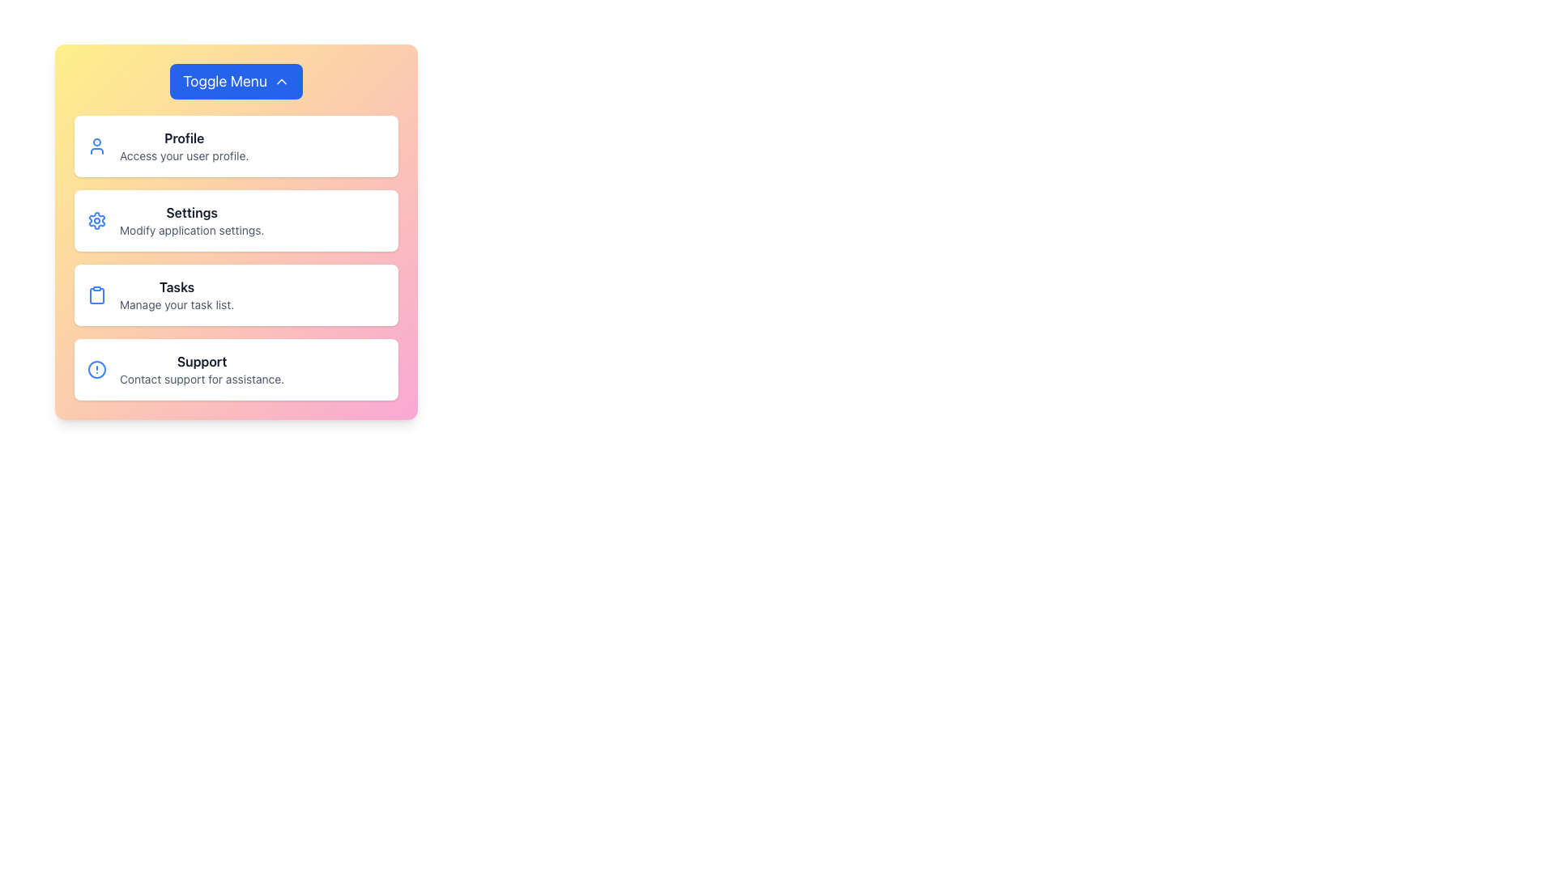 Image resolution: width=1555 pixels, height=874 pixels. What do you see at coordinates (281, 81) in the screenshot?
I see `the chevron icon located to the right of the 'Toggle Menu' text label` at bounding box center [281, 81].